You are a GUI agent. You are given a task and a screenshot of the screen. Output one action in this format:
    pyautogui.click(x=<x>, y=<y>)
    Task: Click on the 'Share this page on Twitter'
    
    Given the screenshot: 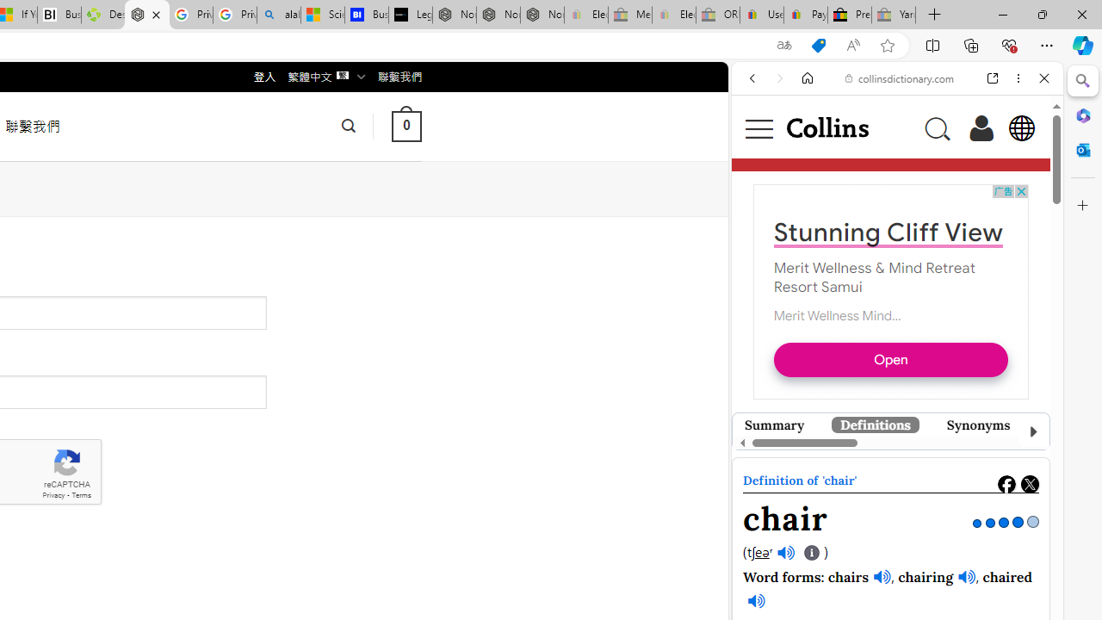 What is the action you would take?
    pyautogui.click(x=1030, y=484)
    